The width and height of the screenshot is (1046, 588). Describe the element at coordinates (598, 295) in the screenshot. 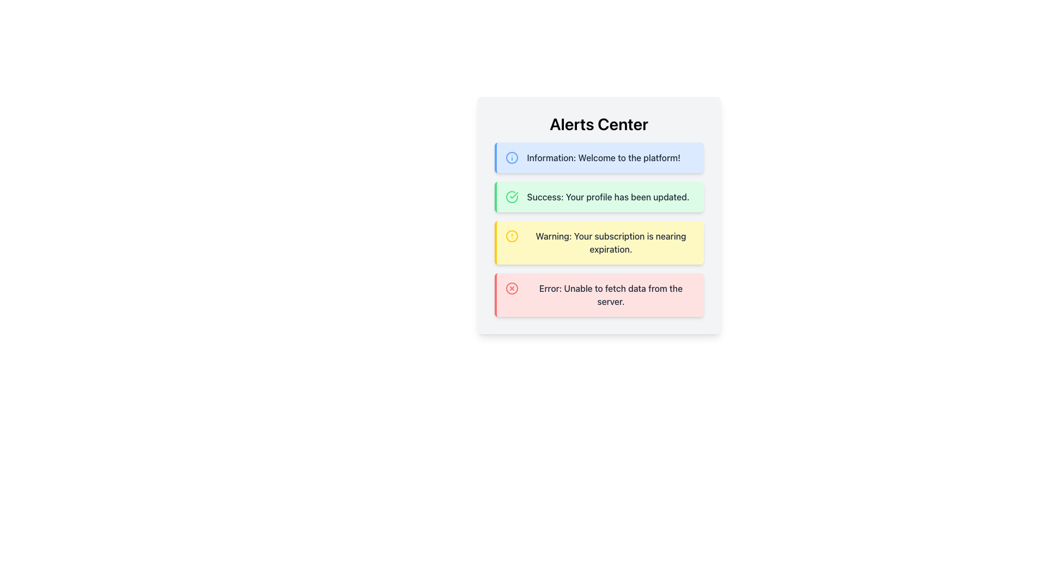

I see `error message from the fourth alert message box in the 'Alerts Center' section, which indicates a failure to fetch data from the server` at that location.